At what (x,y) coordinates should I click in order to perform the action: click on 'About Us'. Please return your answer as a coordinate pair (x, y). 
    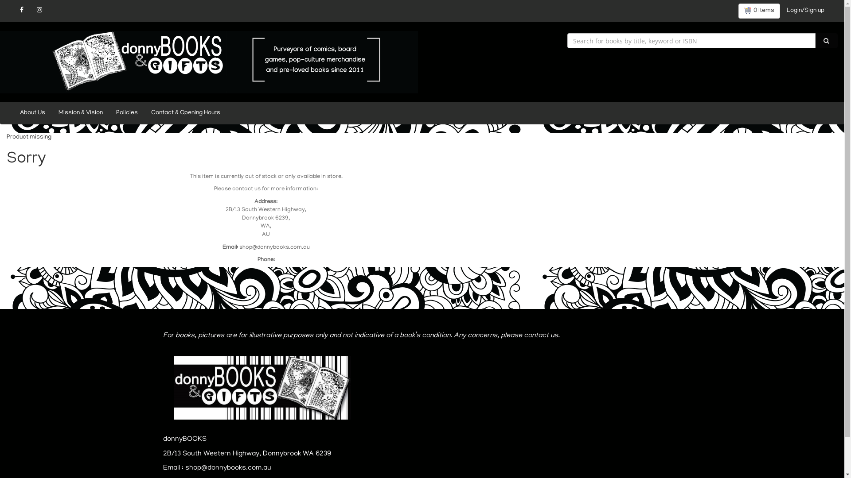
    Looking at the image, I should click on (32, 112).